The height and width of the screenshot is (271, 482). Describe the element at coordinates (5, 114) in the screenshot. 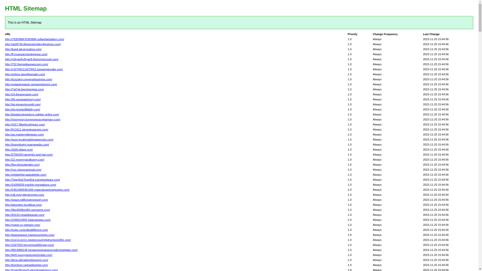

I see `'http://bspqkzmbspqkzm.rudigier-online.com/'` at that location.